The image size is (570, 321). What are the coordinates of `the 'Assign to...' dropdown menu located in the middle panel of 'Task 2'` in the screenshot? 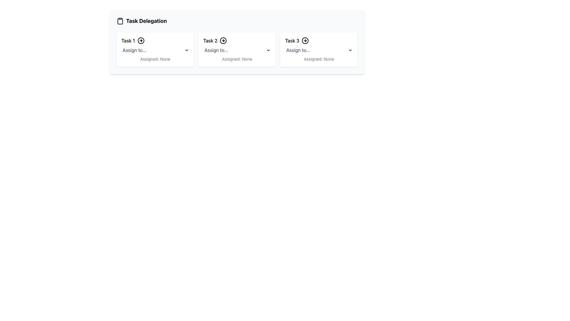 It's located at (237, 50).